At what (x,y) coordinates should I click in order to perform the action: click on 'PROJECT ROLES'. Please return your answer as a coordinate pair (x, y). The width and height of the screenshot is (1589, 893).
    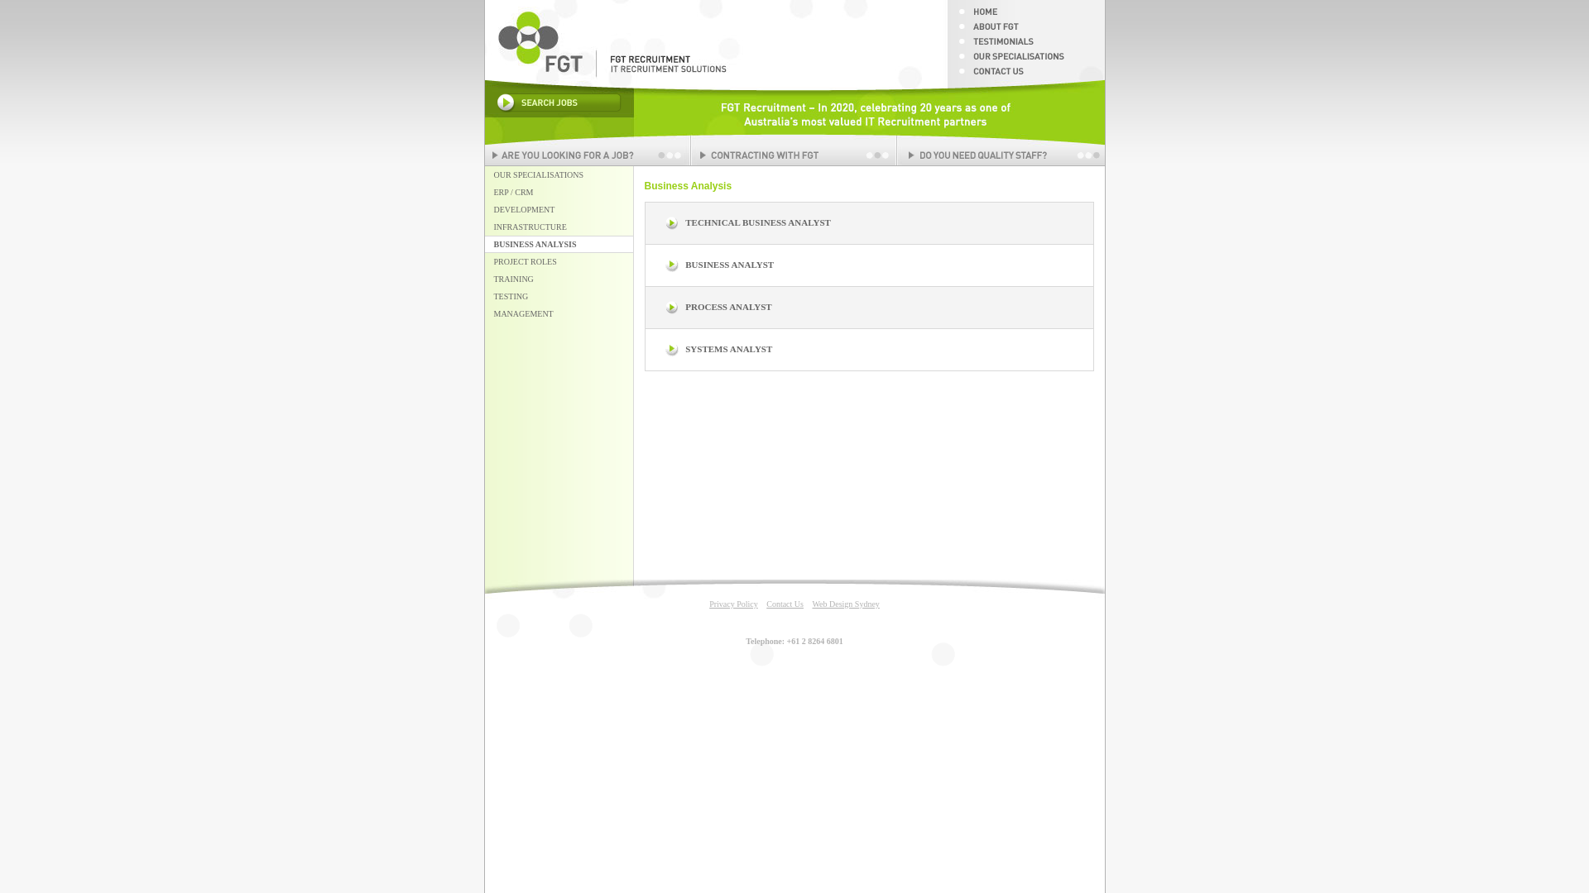
    Looking at the image, I should click on (559, 260).